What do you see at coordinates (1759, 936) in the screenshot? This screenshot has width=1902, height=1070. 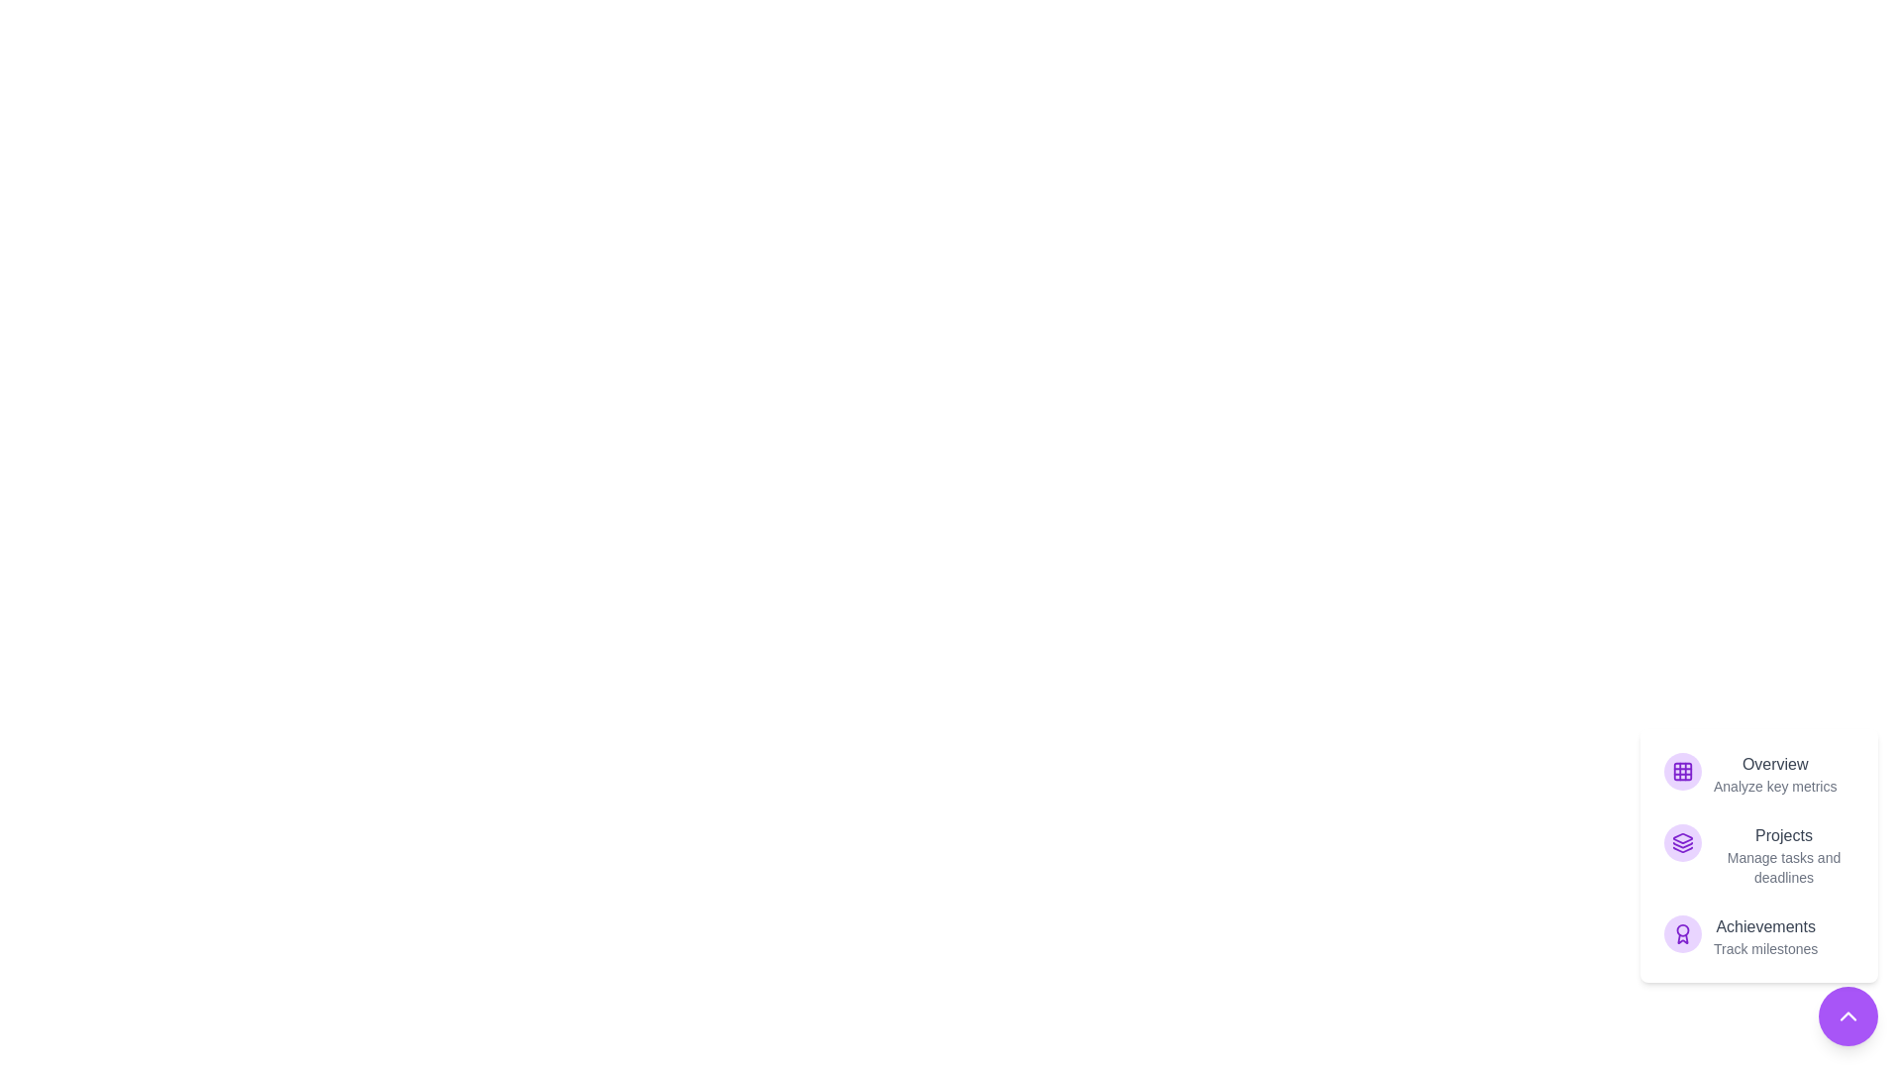 I see `the quick access item Achievements` at bounding box center [1759, 936].